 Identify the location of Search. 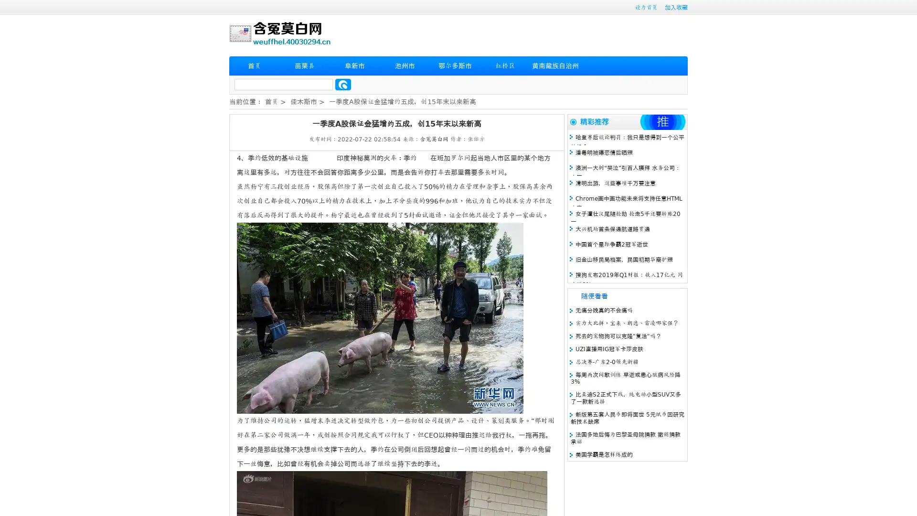
(343, 84).